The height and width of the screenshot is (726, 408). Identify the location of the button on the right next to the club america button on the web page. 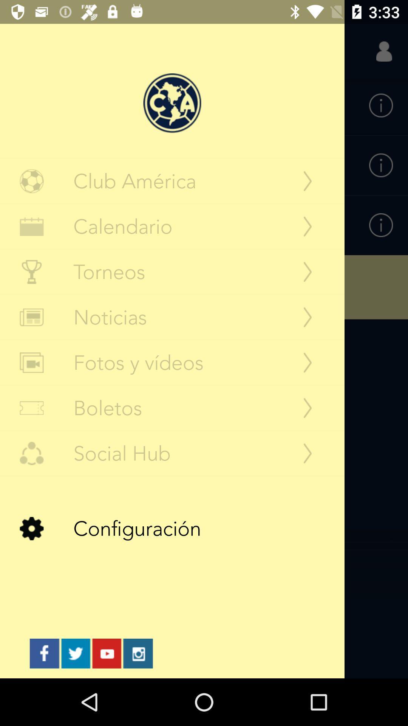
(308, 181).